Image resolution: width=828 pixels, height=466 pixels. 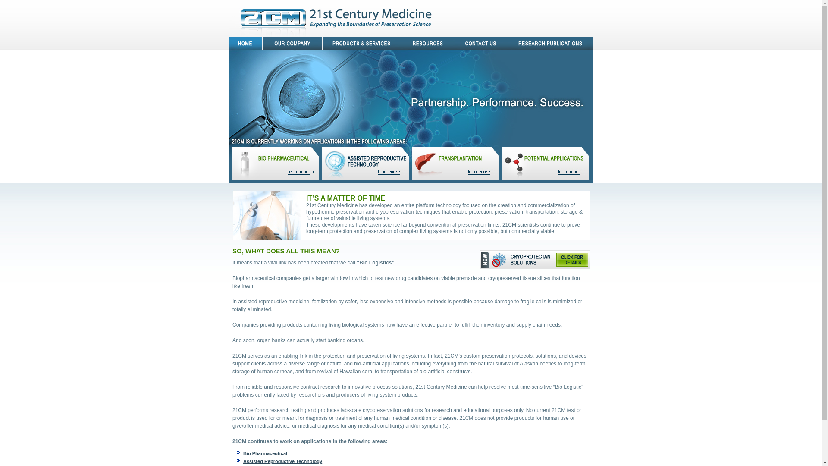 I want to click on 'Cryoprotectant Solutions', so click(x=480, y=259).